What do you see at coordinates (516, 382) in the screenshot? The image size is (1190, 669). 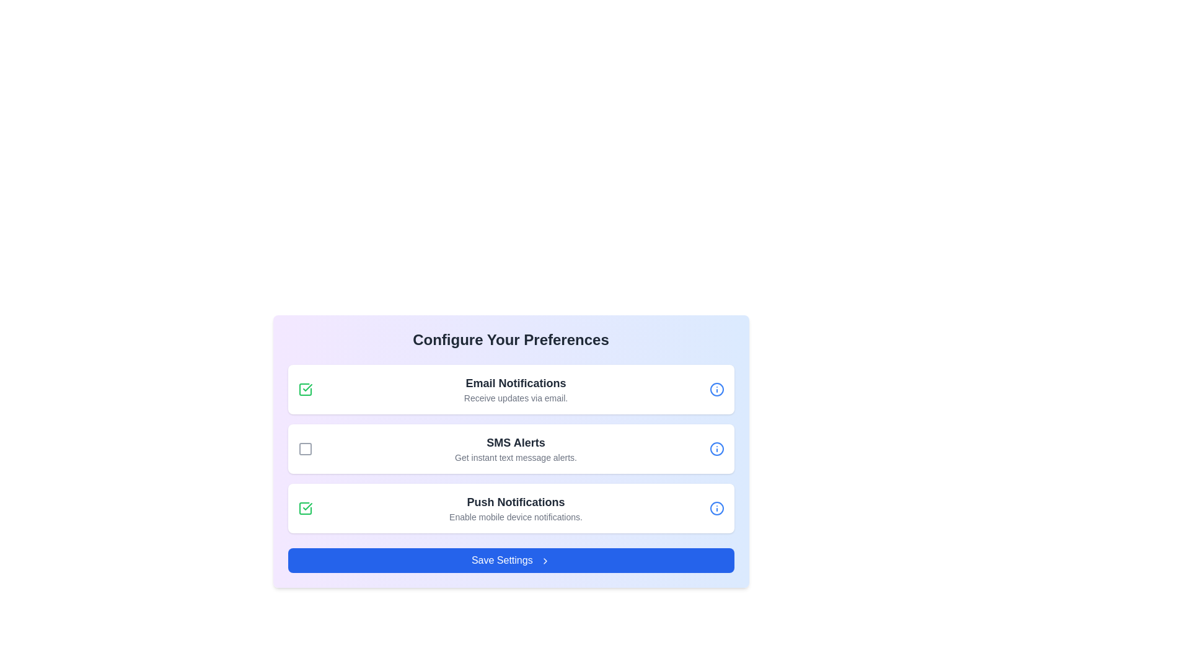 I see `the 'Email Notifications' text label, which is displayed in bold and larger font, colored dark gray, positioned at the top of the preference section for email notifications` at bounding box center [516, 382].